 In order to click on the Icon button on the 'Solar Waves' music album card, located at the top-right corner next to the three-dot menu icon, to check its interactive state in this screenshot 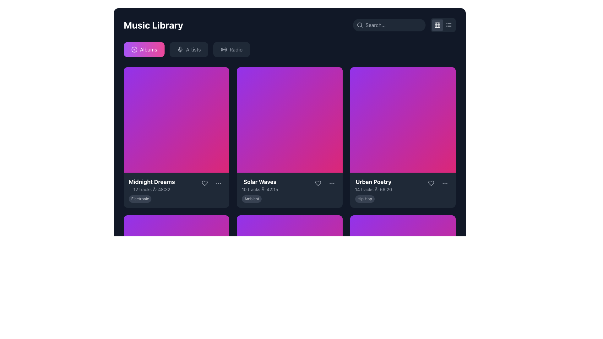, I will do `click(318, 183)`.